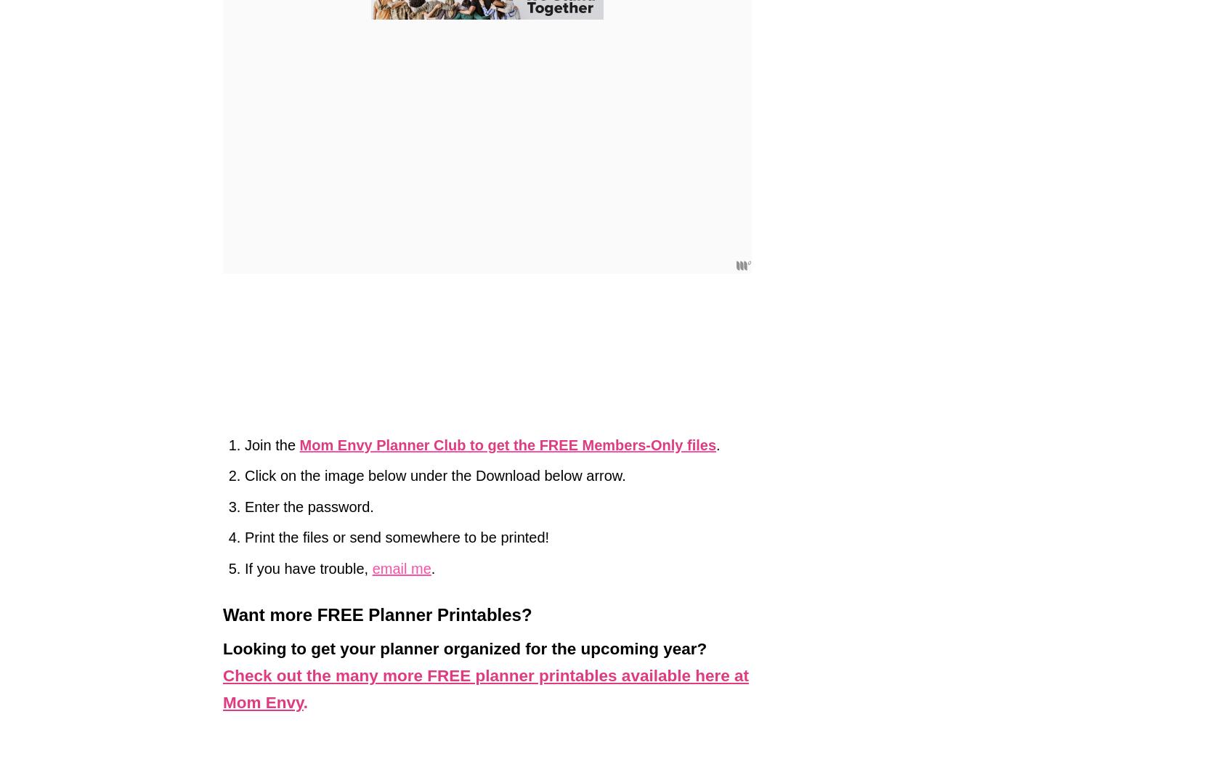 The height and width of the screenshot is (767, 1229). Describe the element at coordinates (222, 614) in the screenshot. I see `'Want more FREE Planner Printables?'` at that location.